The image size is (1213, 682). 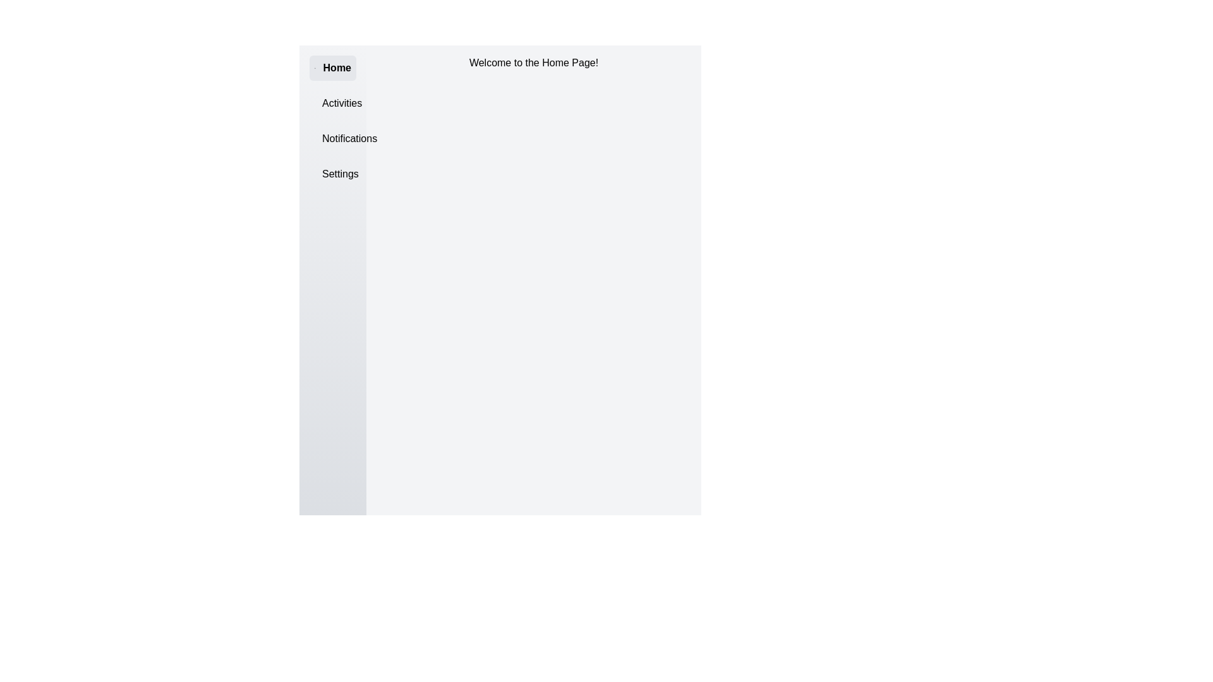 What do you see at coordinates (349, 138) in the screenshot?
I see `the navigation label located in the vertical left-side menu, positioned below 'Home' and above 'Settings', which redirects to the notifications section` at bounding box center [349, 138].